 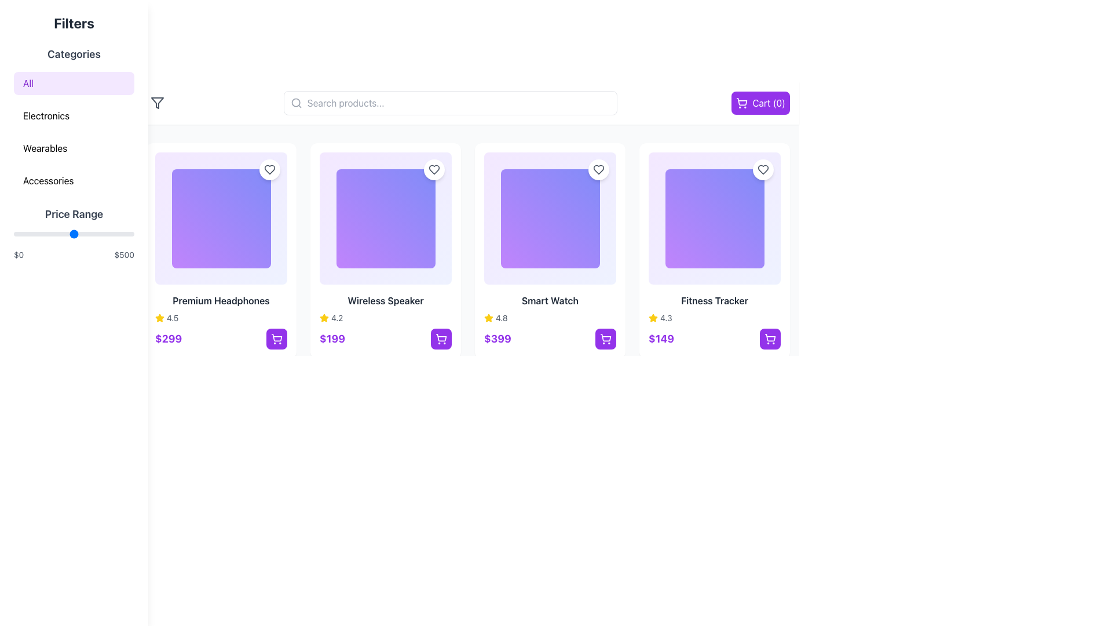 I want to click on price information displayed in the large, bold, purple-colored text label showing '$399' located underneath the product image of the 'Smart Watch' card, so click(x=498, y=339).